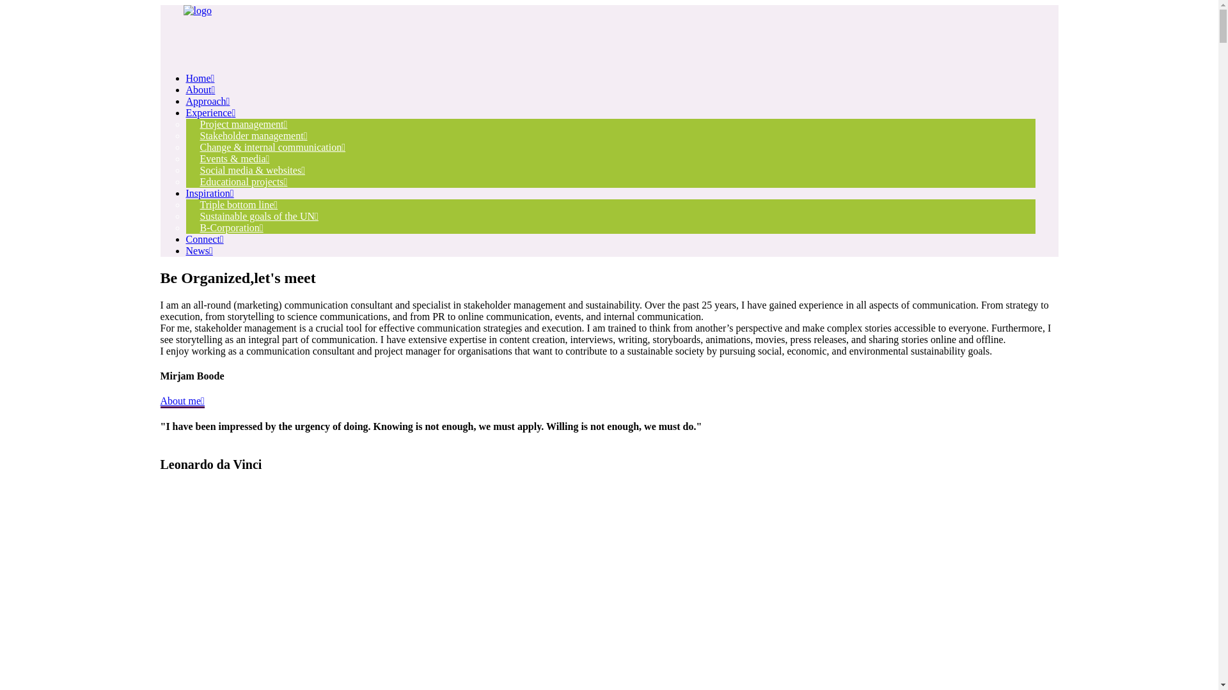  I want to click on 'Sustainable goals of the UN', so click(258, 215).